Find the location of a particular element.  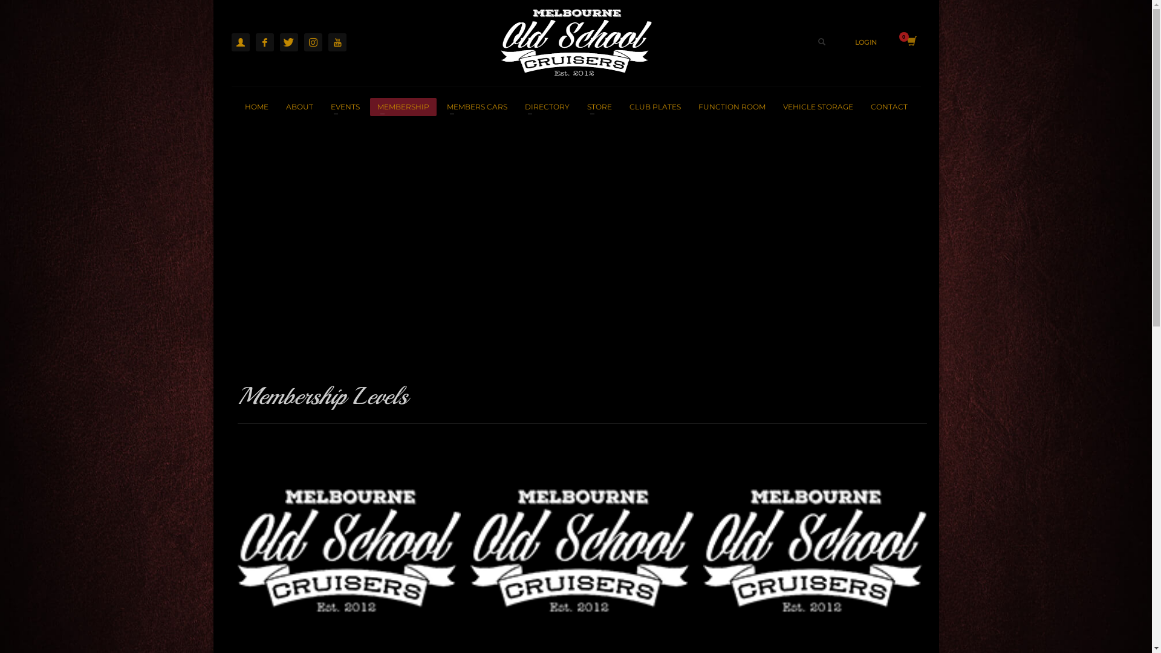

'CLUB PLATES' is located at coordinates (654, 106).